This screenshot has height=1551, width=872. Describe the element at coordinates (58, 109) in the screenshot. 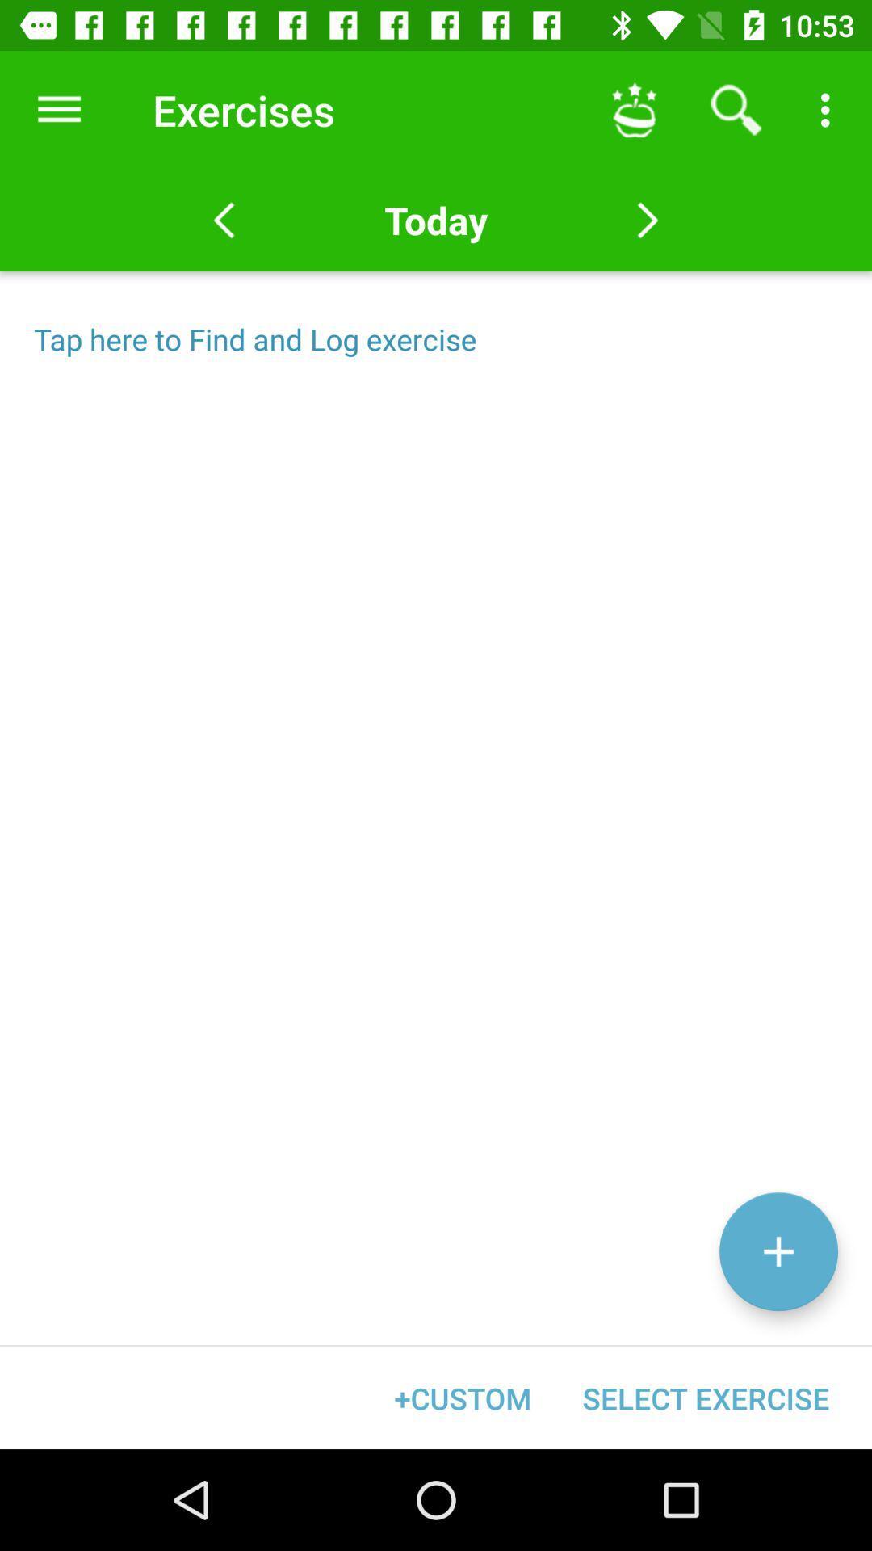

I see `item above tap here to icon` at that location.